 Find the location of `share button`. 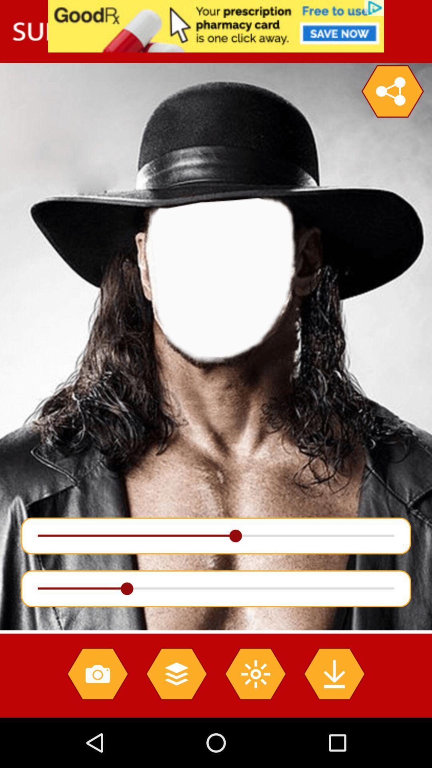

share button is located at coordinates (392, 91).